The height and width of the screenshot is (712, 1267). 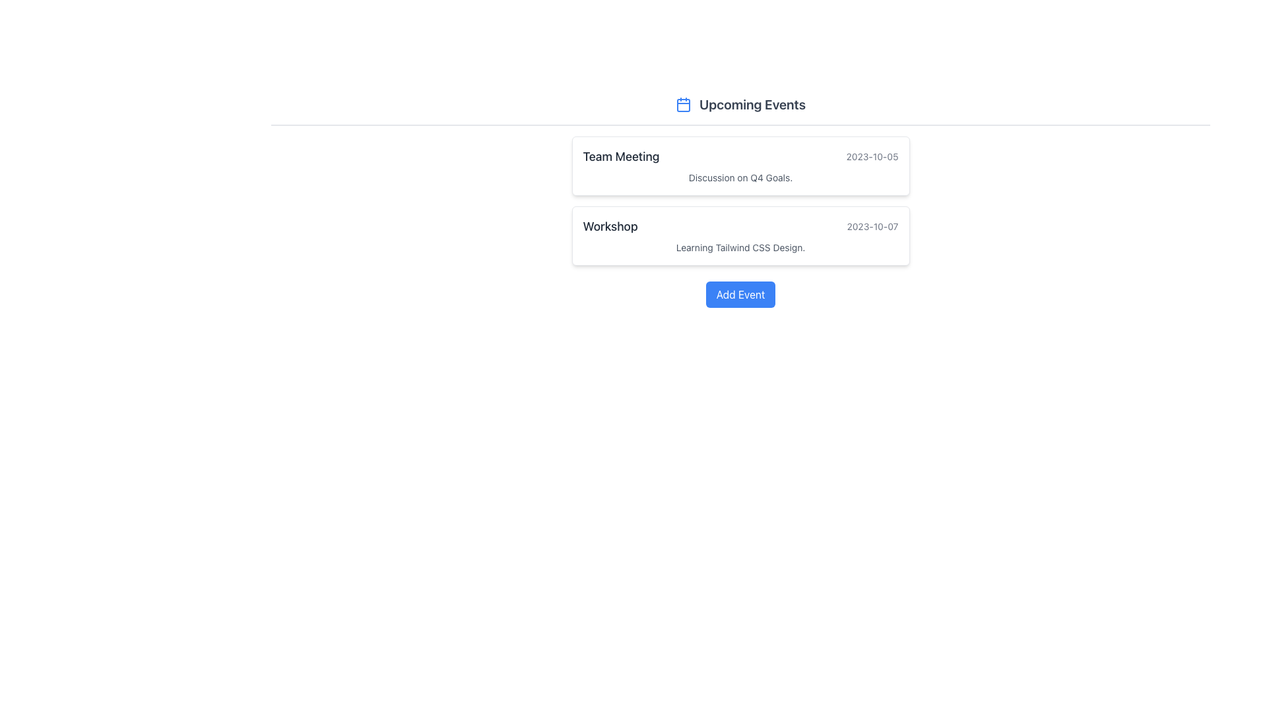 I want to click on the static text element that serves as the title for the 'Upcoming Events' section, which is located immediately to the right of a calendar icon, so click(x=752, y=104).